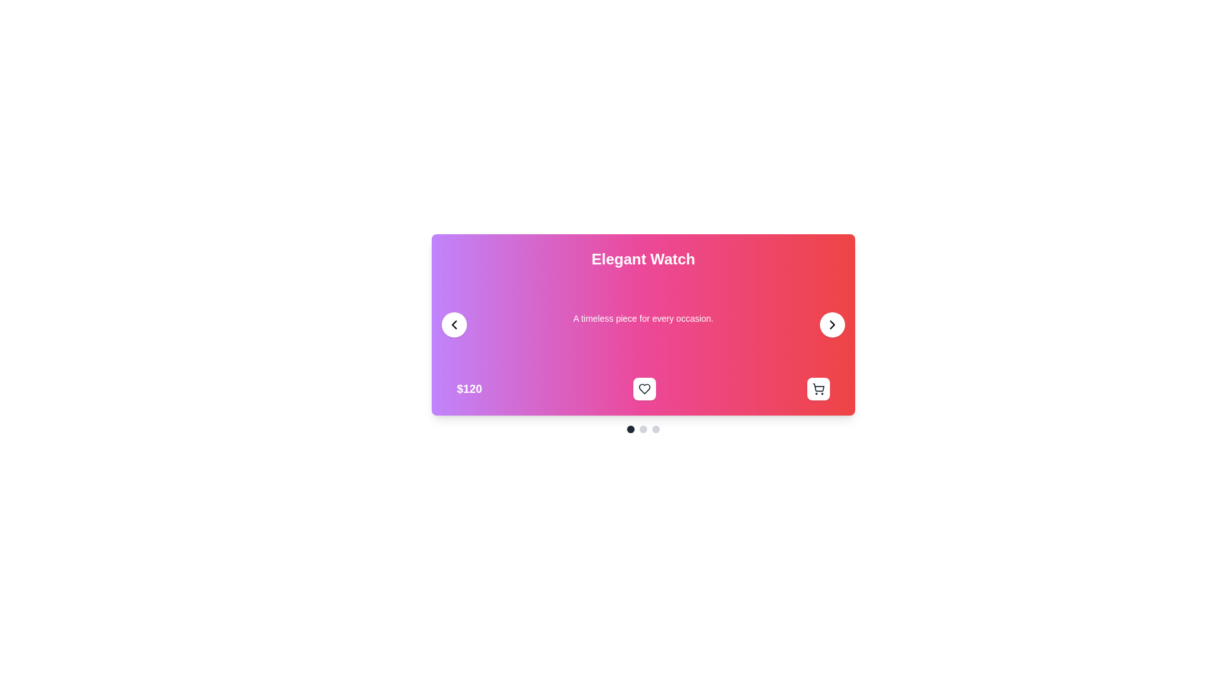 The width and height of the screenshot is (1210, 680). What do you see at coordinates (819, 388) in the screenshot?
I see `the button with a shopping cart icon that has a white background and rounded corners for tooltip or visual feedback` at bounding box center [819, 388].